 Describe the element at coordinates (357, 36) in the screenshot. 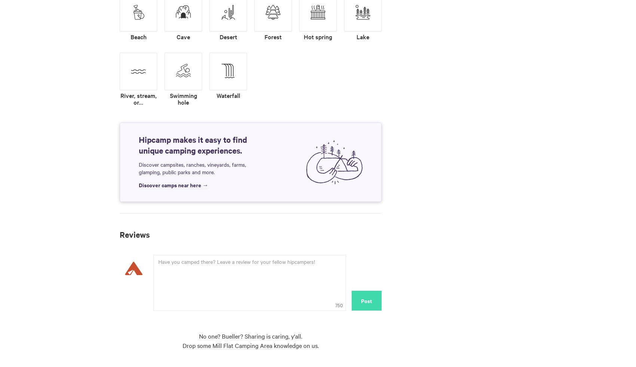

I see `'Lake'` at that location.